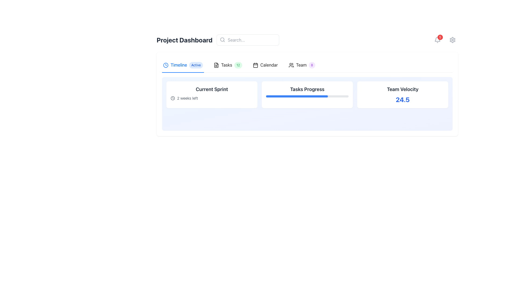 This screenshot has height=290, width=516. I want to click on the active tab indicator located beneath the 'Timeline' tab in the tabbed navigation interface, so click(183, 73).